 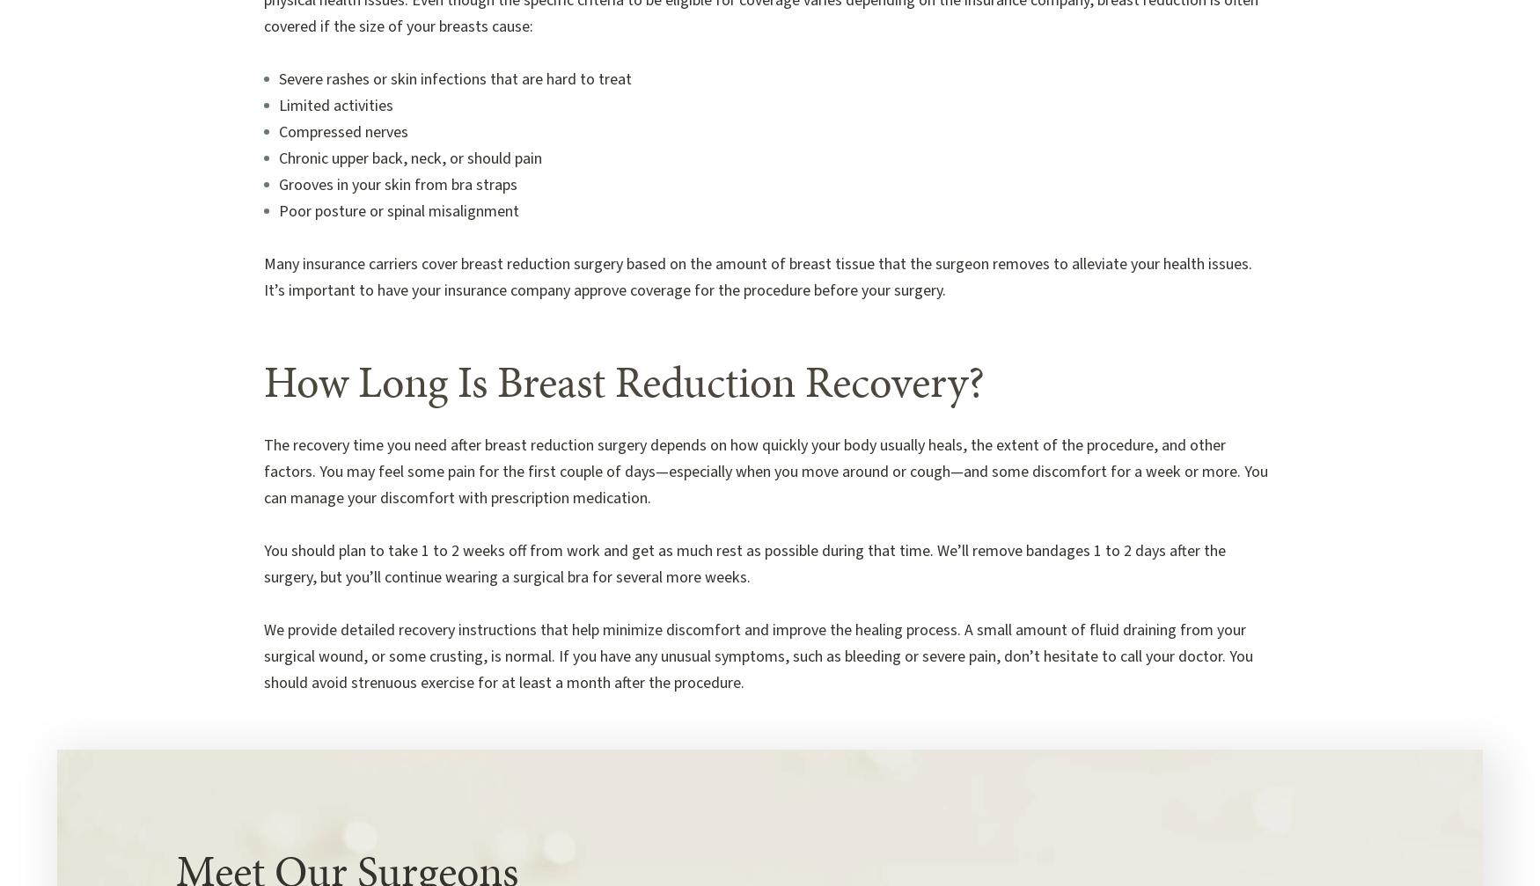 What do you see at coordinates (278, 106) in the screenshot?
I see `'Limited activities'` at bounding box center [278, 106].